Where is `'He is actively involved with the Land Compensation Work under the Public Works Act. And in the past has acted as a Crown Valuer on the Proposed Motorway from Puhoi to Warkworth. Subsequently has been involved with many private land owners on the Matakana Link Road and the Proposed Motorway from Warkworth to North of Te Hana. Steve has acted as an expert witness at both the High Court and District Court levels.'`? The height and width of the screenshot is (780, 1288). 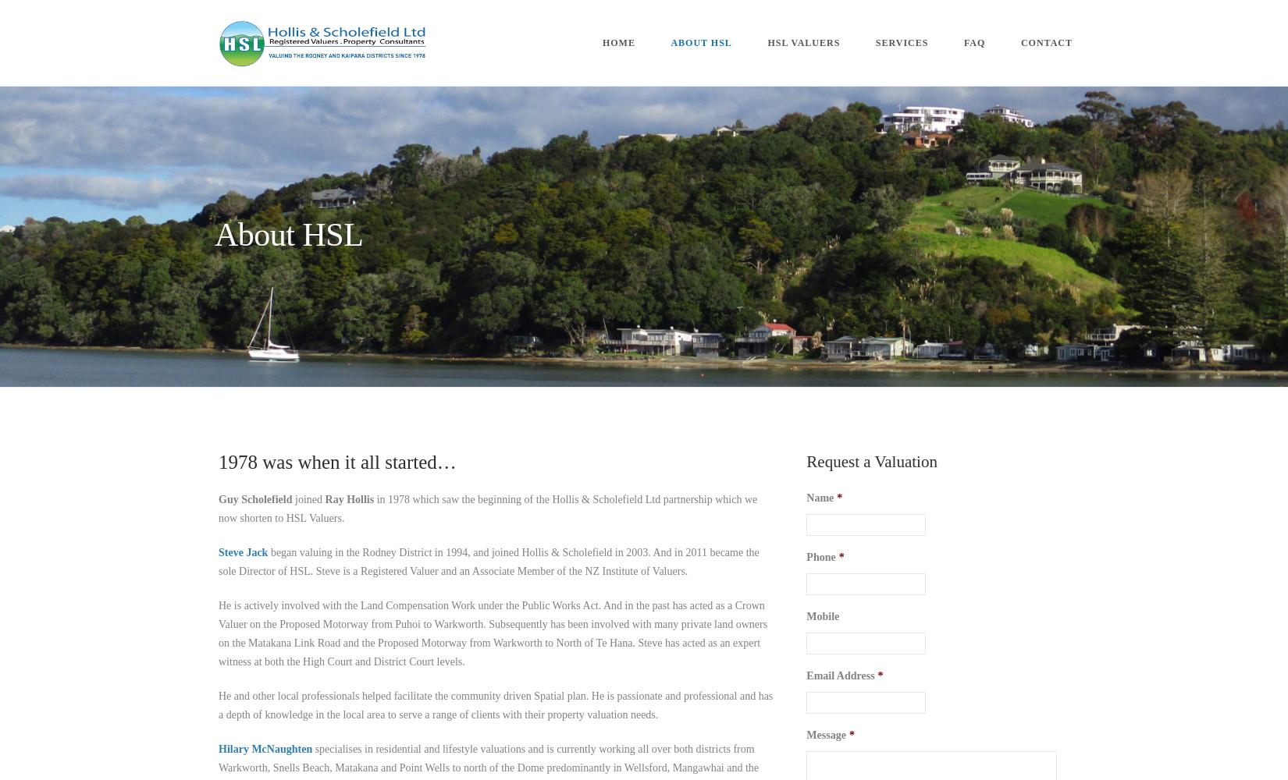 'He is actively involved with the Land Compensation Work under the Public Works Act. And in the past has acted as a Crown Valuer on the Proposed Motorway from Puhoi to Warkworth. Subsequently has been involved with many private land owners on the Matakana Link Road and the Proposed Motorway from Warkworth to North of Te Hana. Steve has acted as an expert witness at both the High Court and District Court levels.' is located at coordinates (492, 633).